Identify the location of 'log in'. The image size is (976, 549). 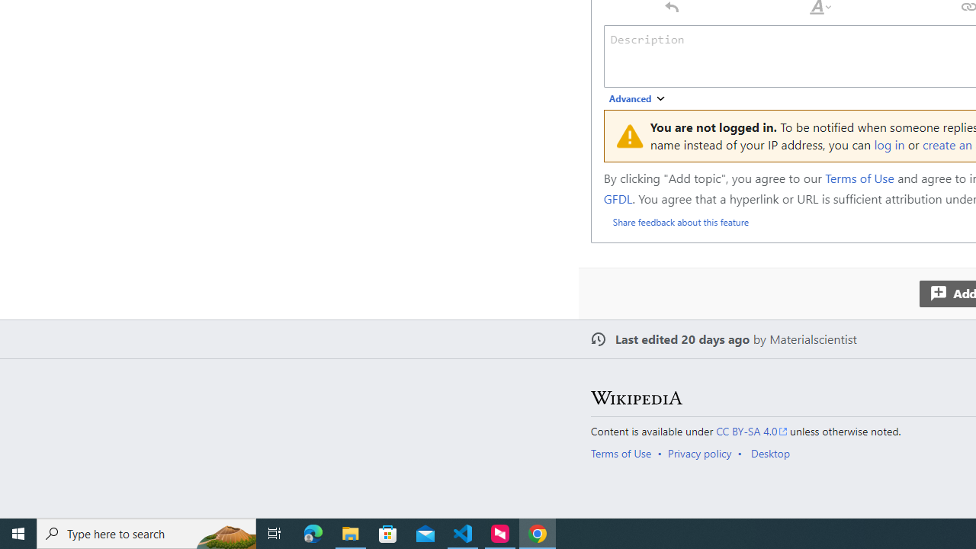
(889, 144).